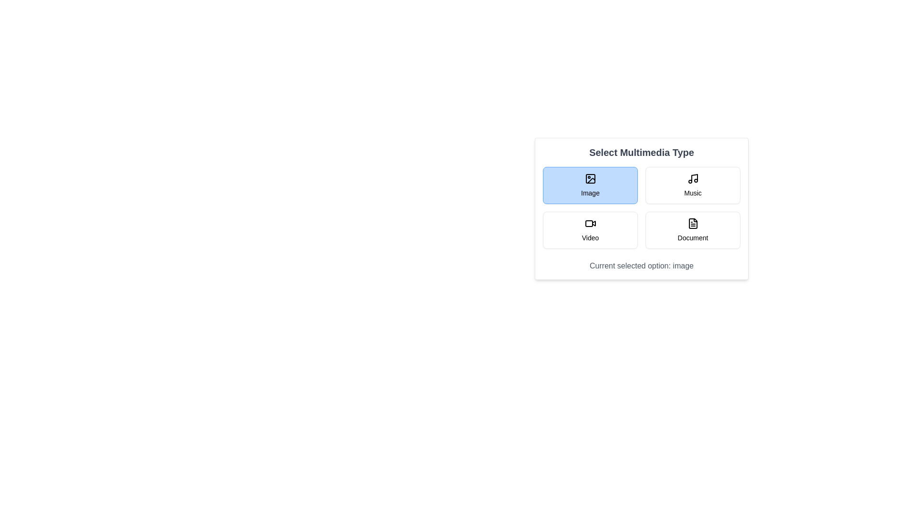  I want to click on the multimedia type Image by clicking the corresponding button, so click(590, 185).